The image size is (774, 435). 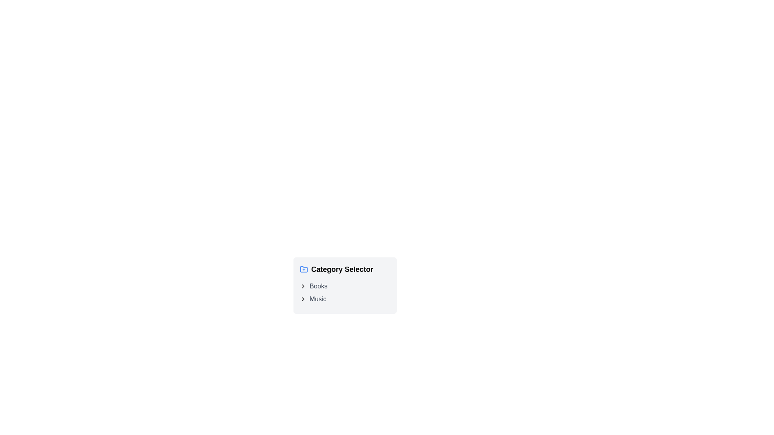 I want to click on the blue folder icon with a plus sign located next to the text 'Category Selector' to initiate a category-related action, so click(x=303, y=269).